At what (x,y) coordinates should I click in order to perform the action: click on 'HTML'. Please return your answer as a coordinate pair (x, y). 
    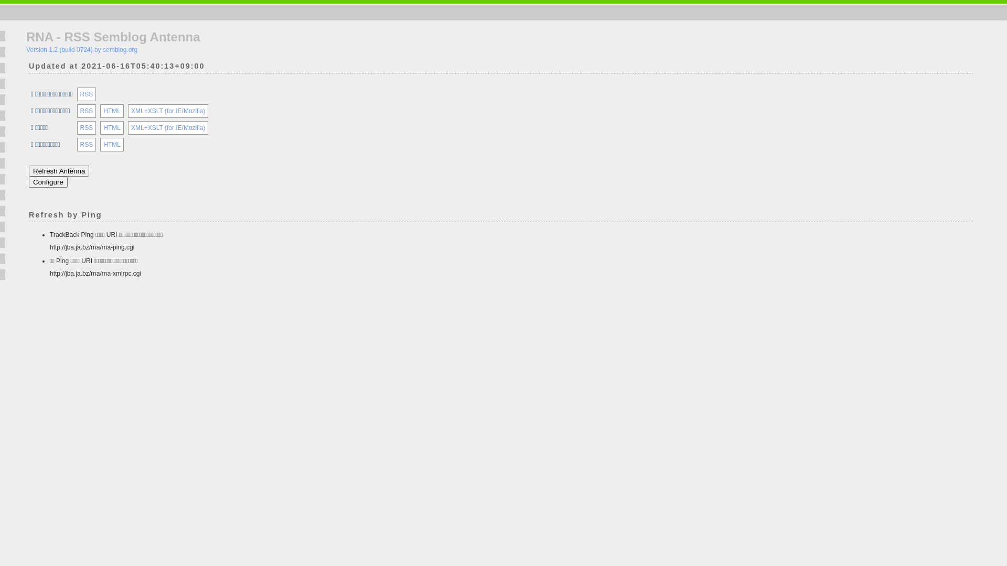
    Looking at the image, I should click on (112, 145).